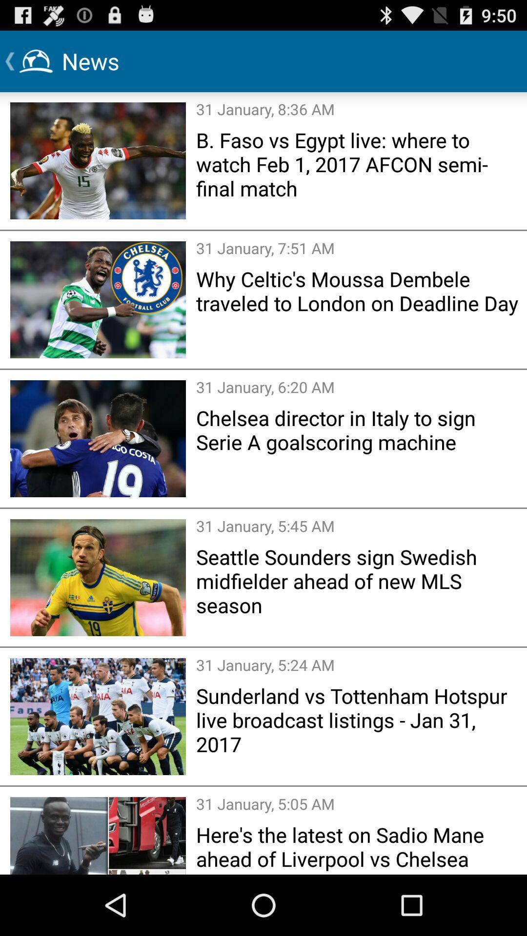 This screenshot has height=936, width=527. I want to click on the chelsea director in item, so click(358, 429).